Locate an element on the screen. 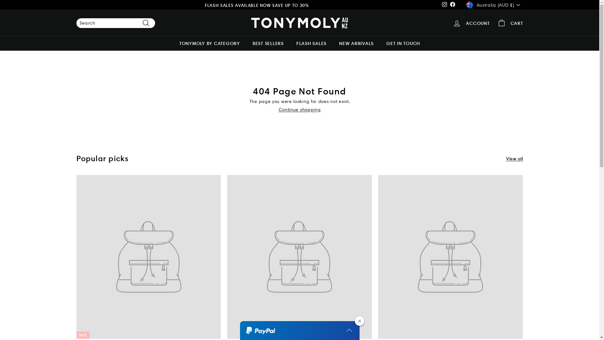  'View all' is located at coordinates (506, 158).